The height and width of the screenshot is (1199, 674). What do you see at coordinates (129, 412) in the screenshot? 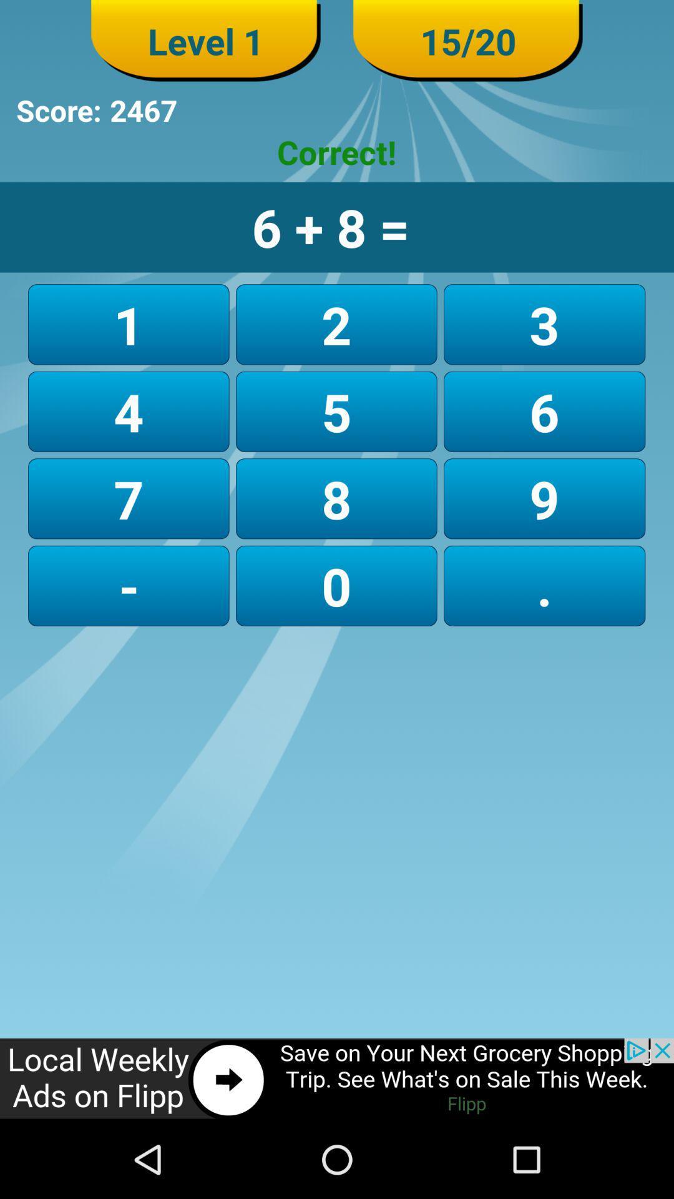
I see `the icon to the left of 2 icon` at bounding box center [129, 412].